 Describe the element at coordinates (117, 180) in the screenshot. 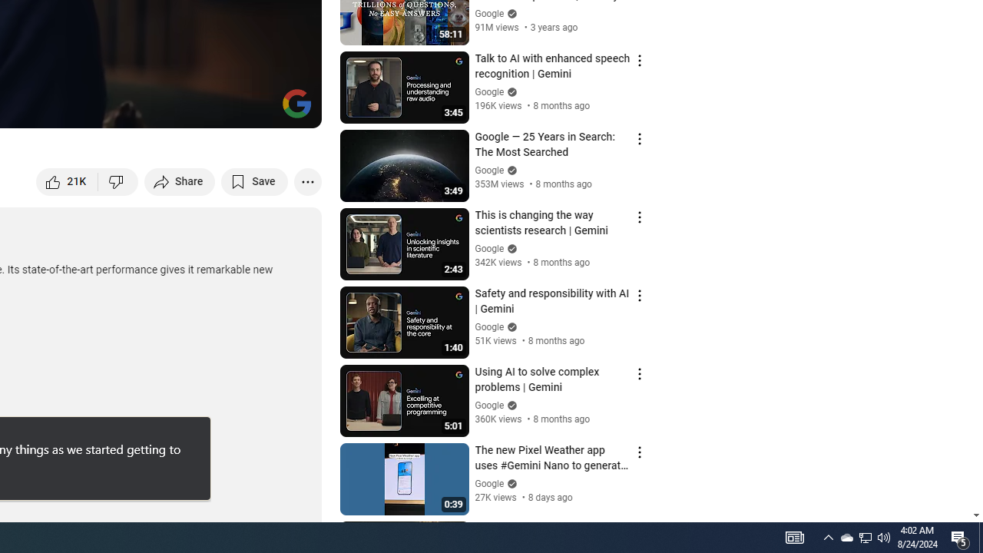

I see `'Dislike this video'` at that location.